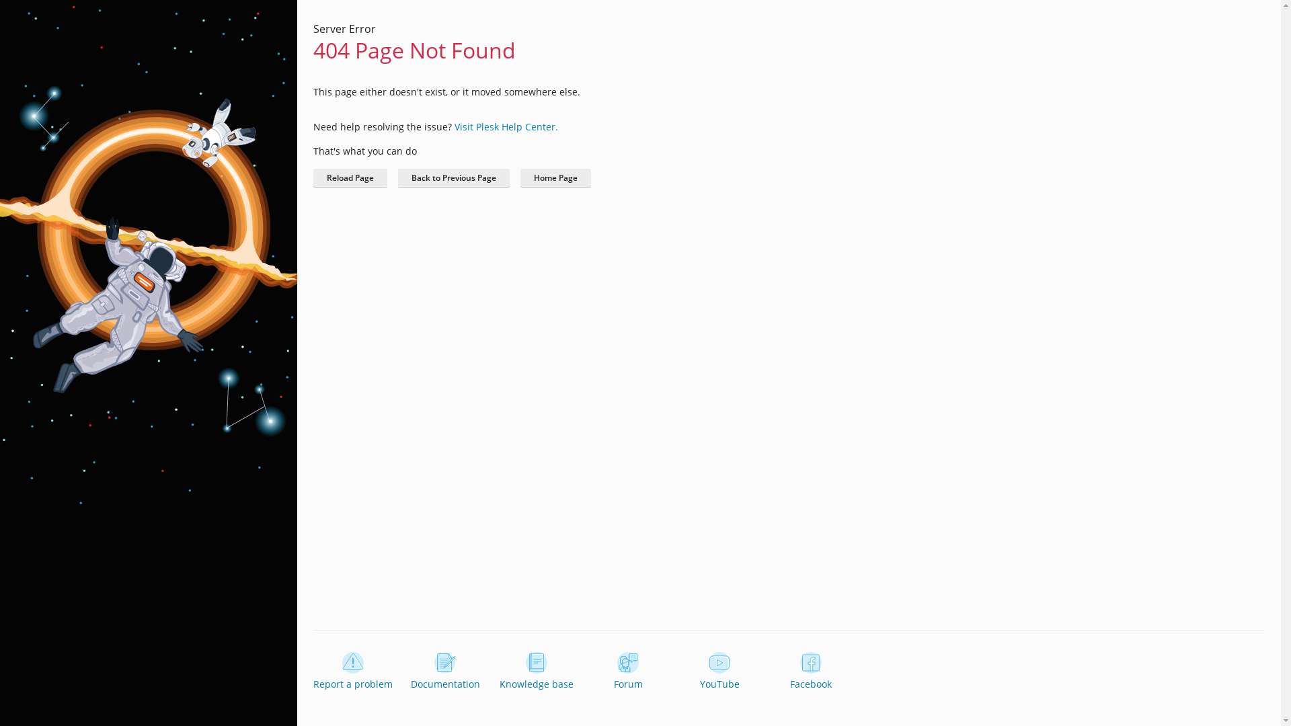 Image resolution: width=1291 pixels, height=726 pixels. I want to click on 'Visit Plesk Help Center.', so click(506, 126).